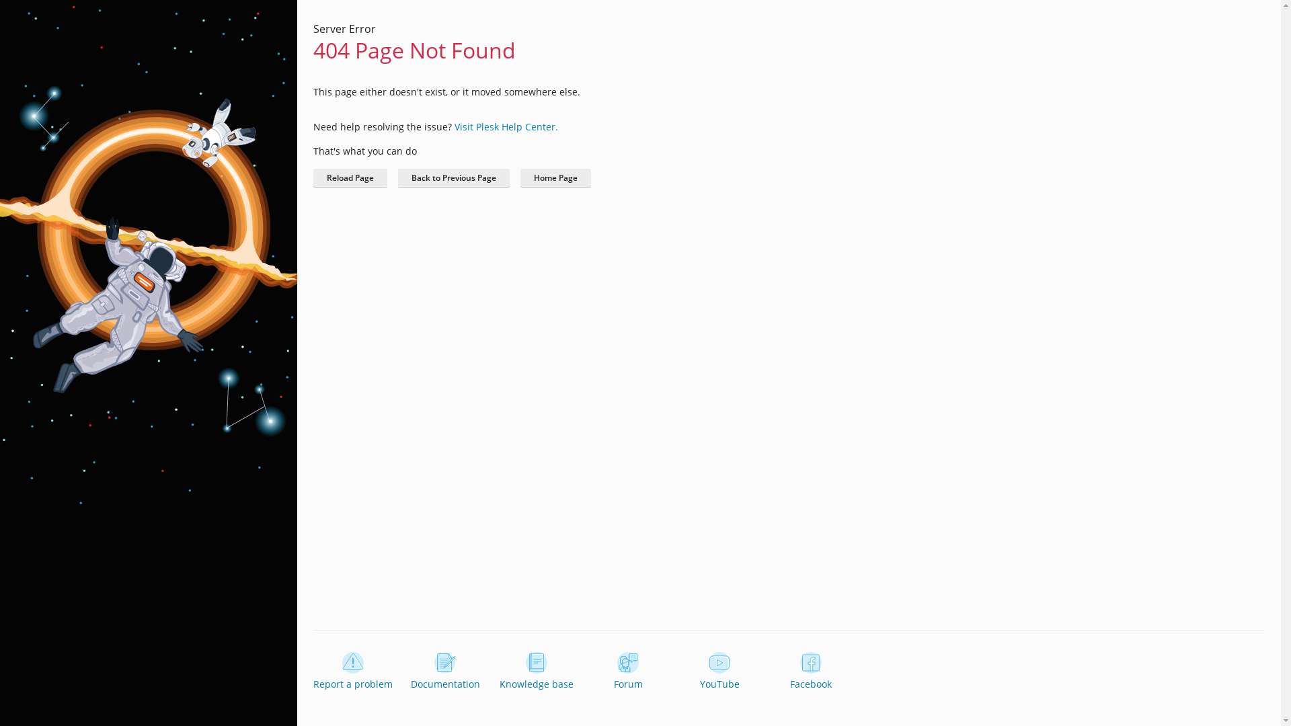 Image resolution: width=1291 pixels, height=726 pixels. I want to click on 'Visit Plesk Help Center.', so click(506, 126).